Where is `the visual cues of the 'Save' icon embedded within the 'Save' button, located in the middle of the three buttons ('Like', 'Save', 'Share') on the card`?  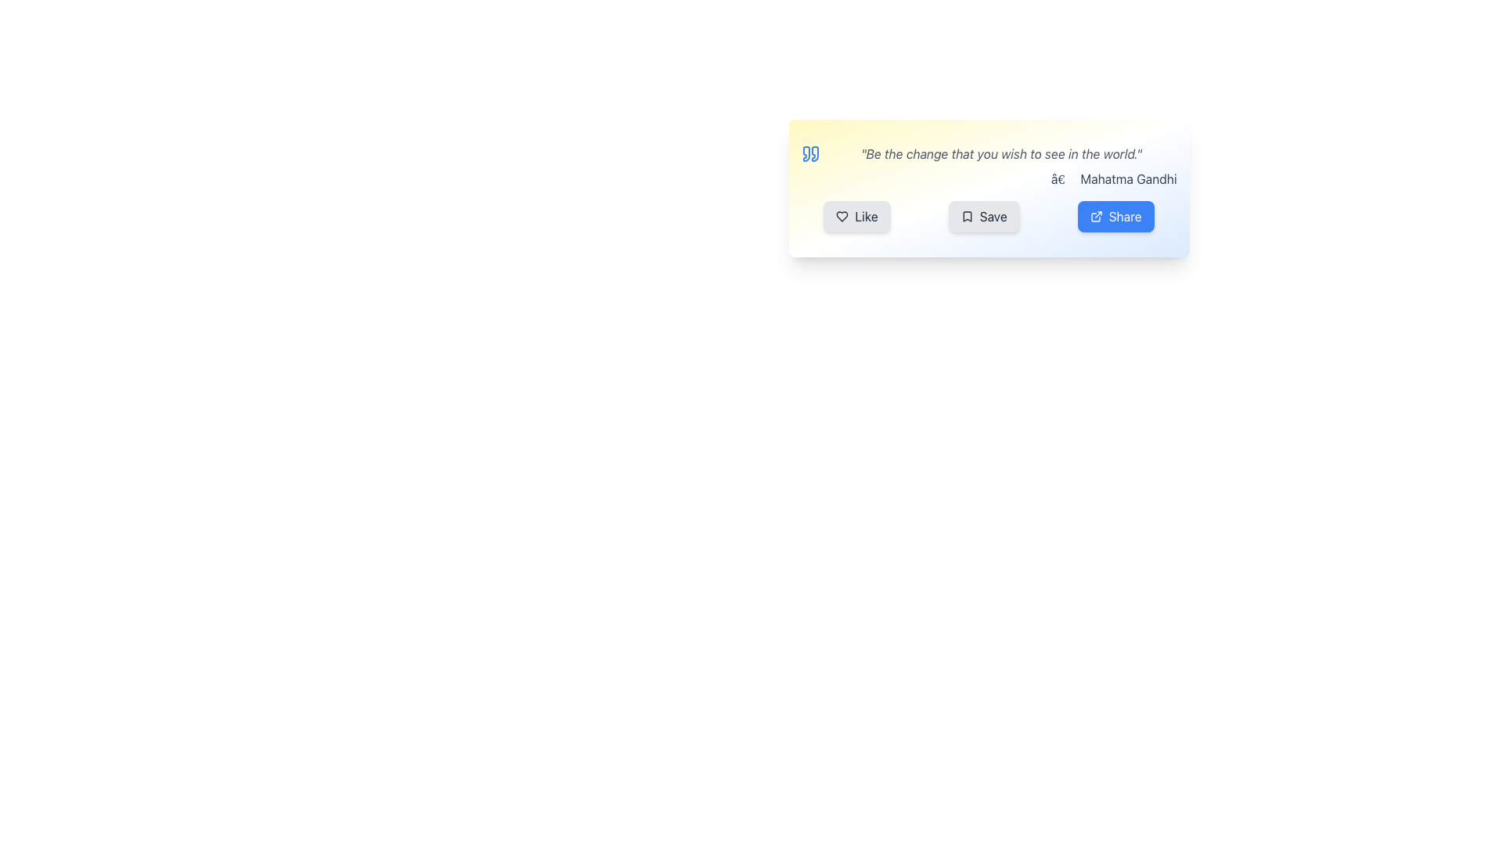
the visual cues of the 'Save' icon embedded within the 'Save' button, located in the middle of the three buttons ('Like', 'Save', 'Share') on the card is located at coordinates (966, 217).